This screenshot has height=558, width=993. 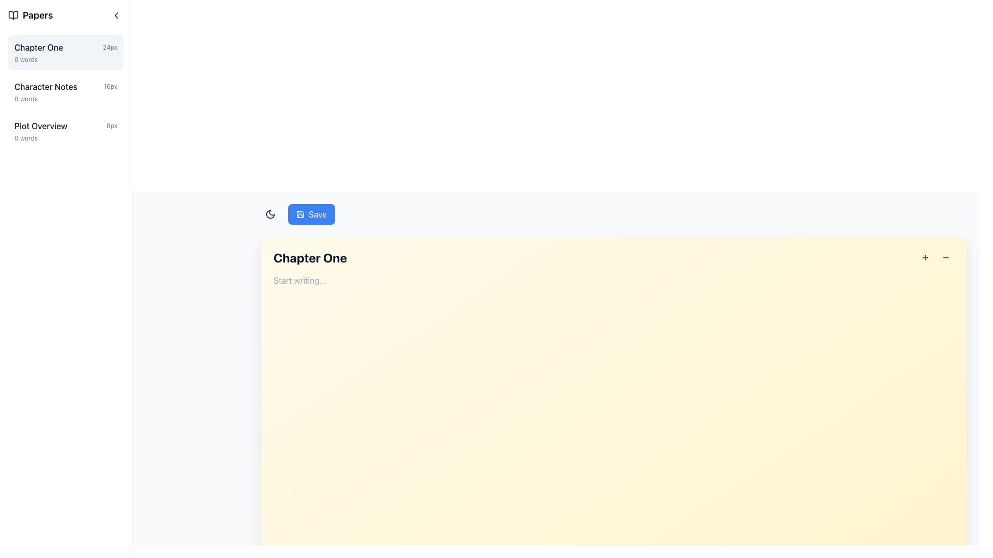 I want to click on the 'Save' button, which is a rectangular button with rounded corners, blue background, and white text, located at the top center of the main panel, so click(x=311, y=214).